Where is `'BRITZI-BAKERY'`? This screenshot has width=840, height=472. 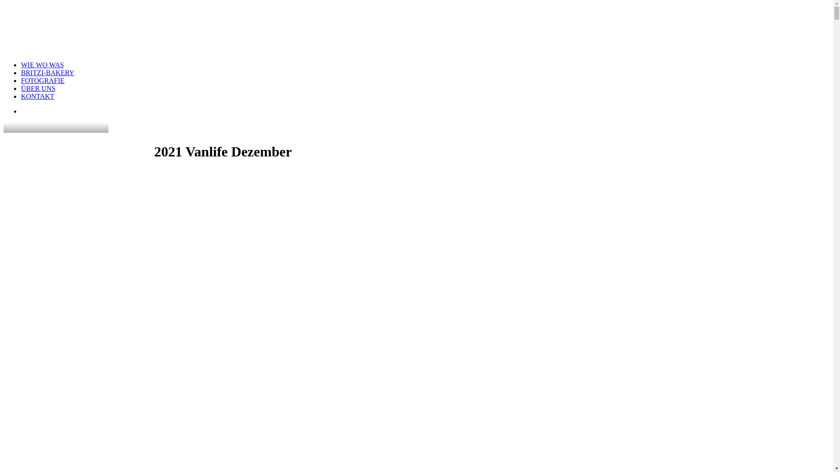
'BRITZI-BAKERY' is located at coordinates (21, 72).